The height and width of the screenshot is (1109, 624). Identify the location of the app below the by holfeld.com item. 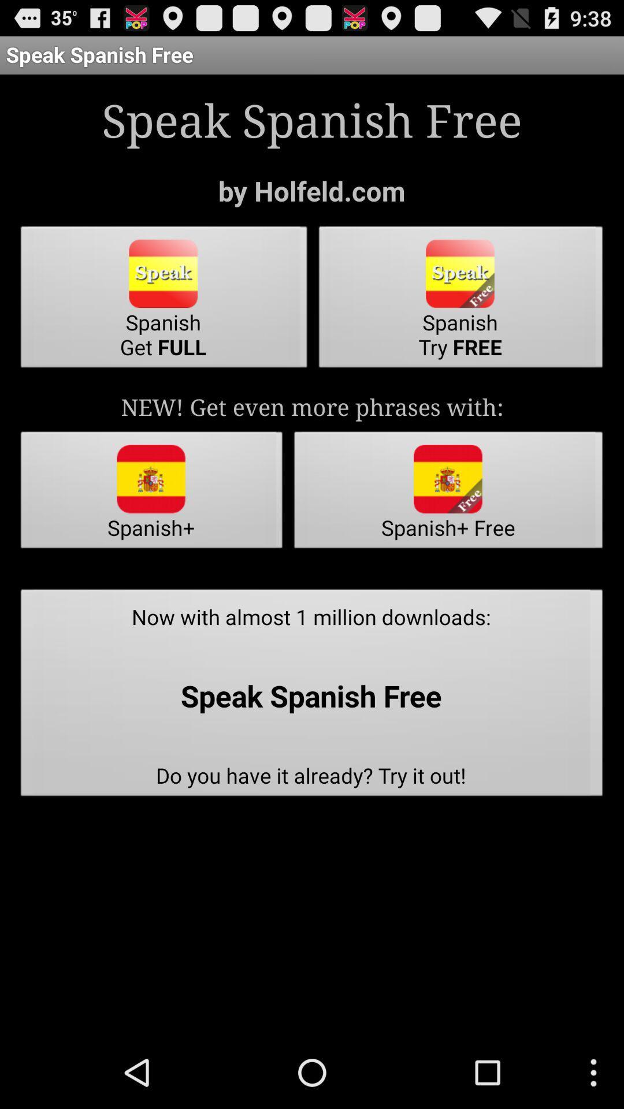
(164, 300).